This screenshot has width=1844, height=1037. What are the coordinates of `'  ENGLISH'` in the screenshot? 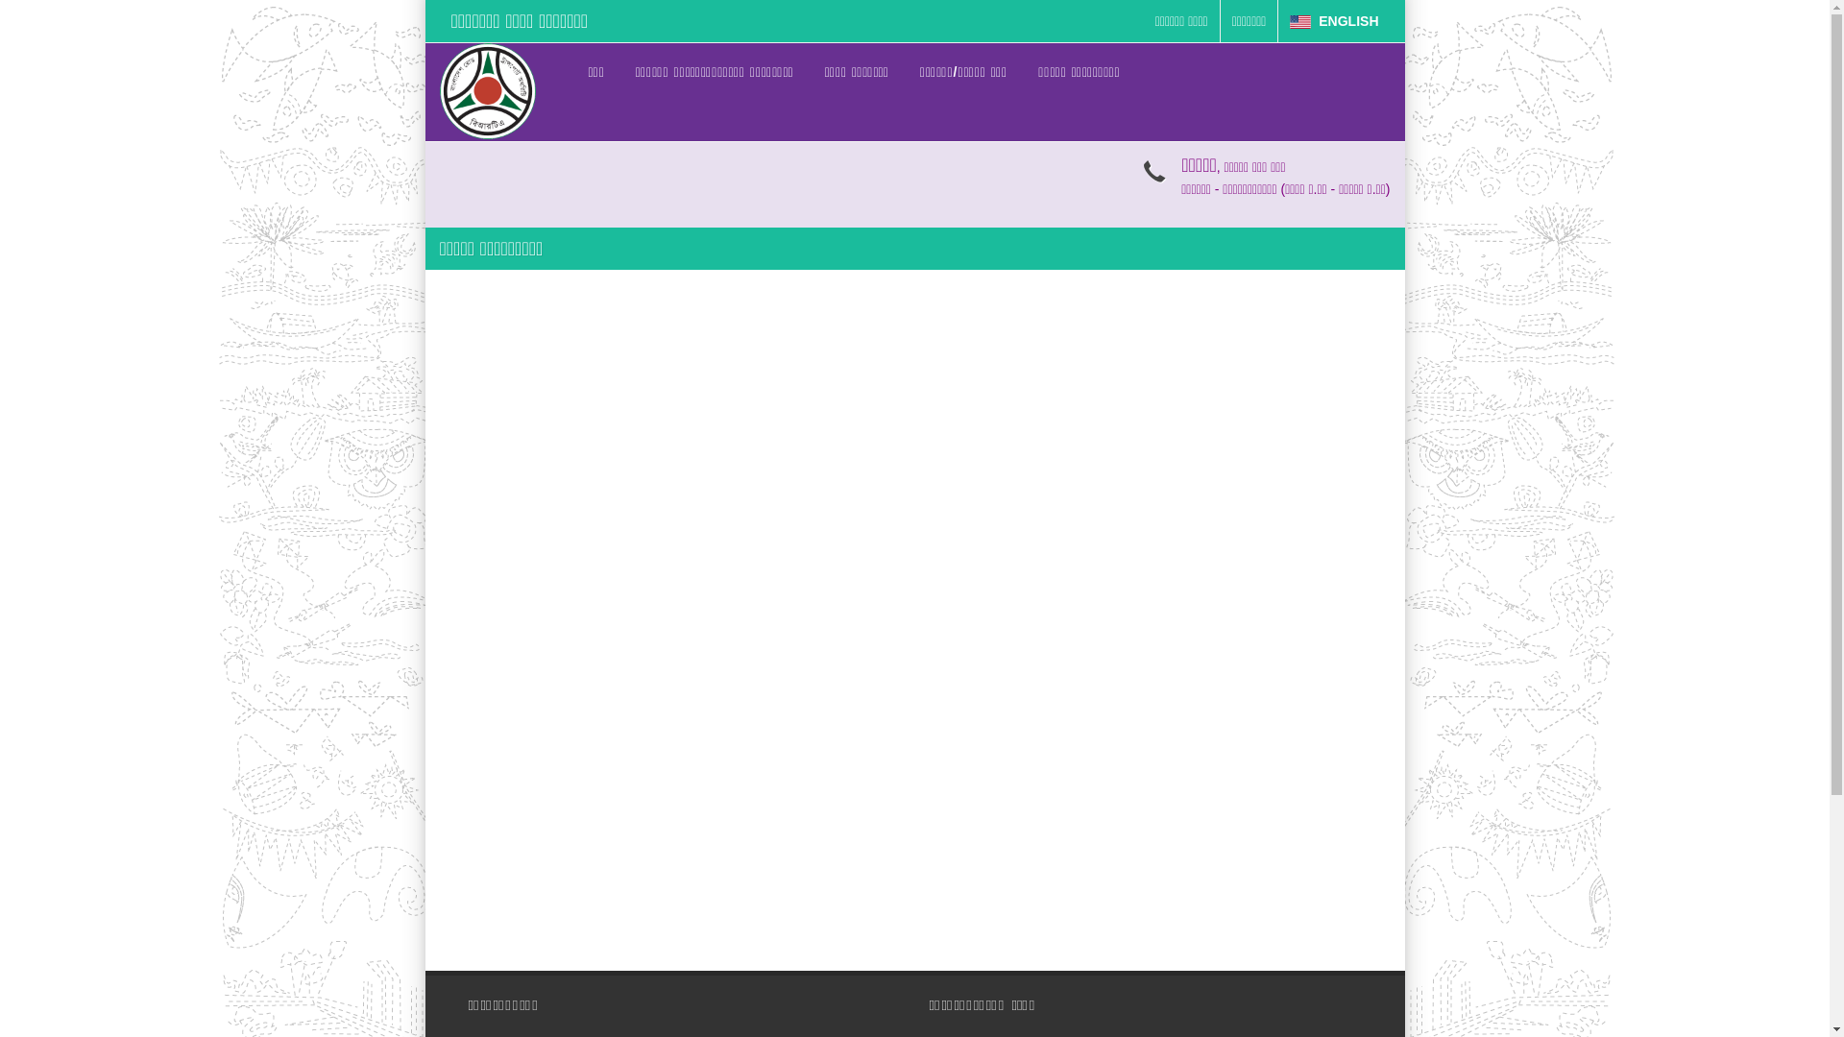 It's located at (1277, 21).